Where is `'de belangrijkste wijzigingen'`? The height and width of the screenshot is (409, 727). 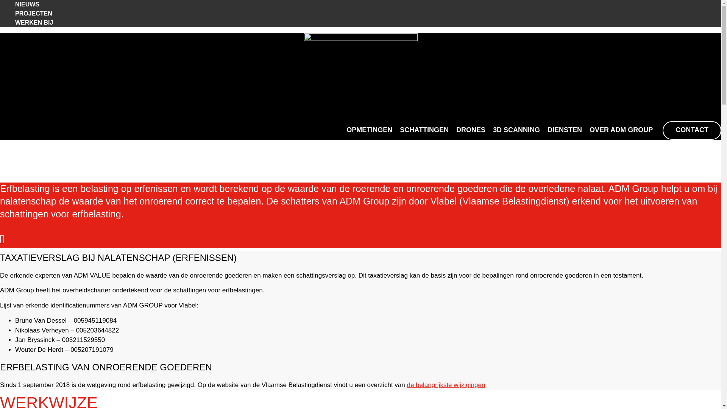
'de belangrijkste wijzigingen' is located at coordinates (446, 385).